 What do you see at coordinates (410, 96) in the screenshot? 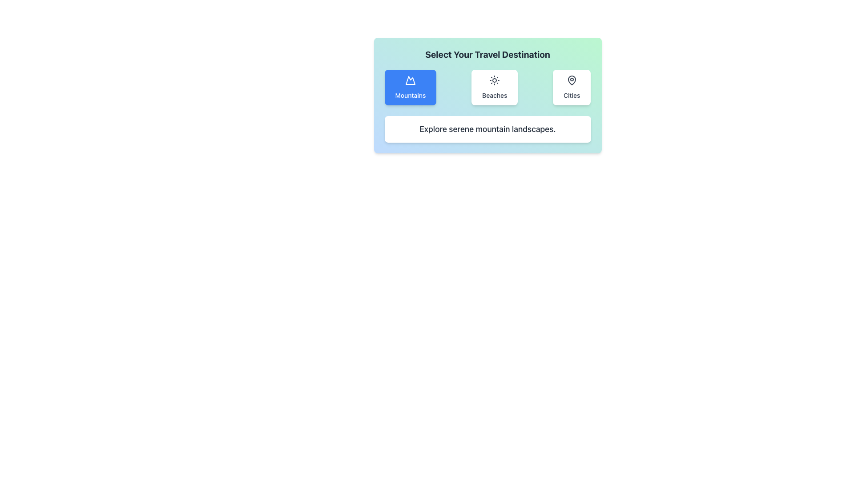
I see `text of the label that identifies the button option as 'Mountains', located directly below the mountain icon in the interactive selection panel` at bounding box center [410, 96].